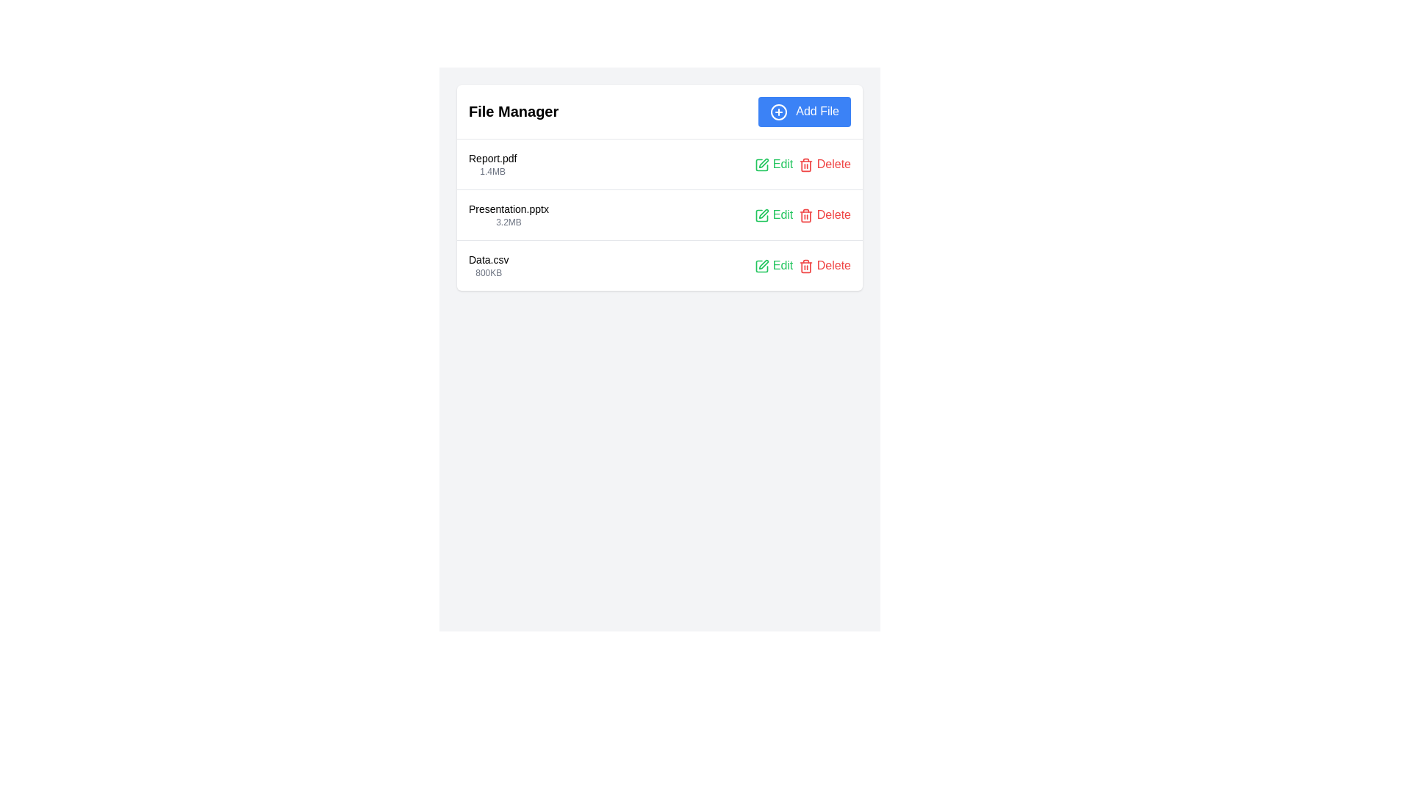 The width and height of the screenshot is (1411, 793). Describe the element at coordinates (492, 158) in the screenshot. I see `the text label displaying 'Report.pdf', which is the title of the first file entry in the top row of a list within a card layout` at that location.